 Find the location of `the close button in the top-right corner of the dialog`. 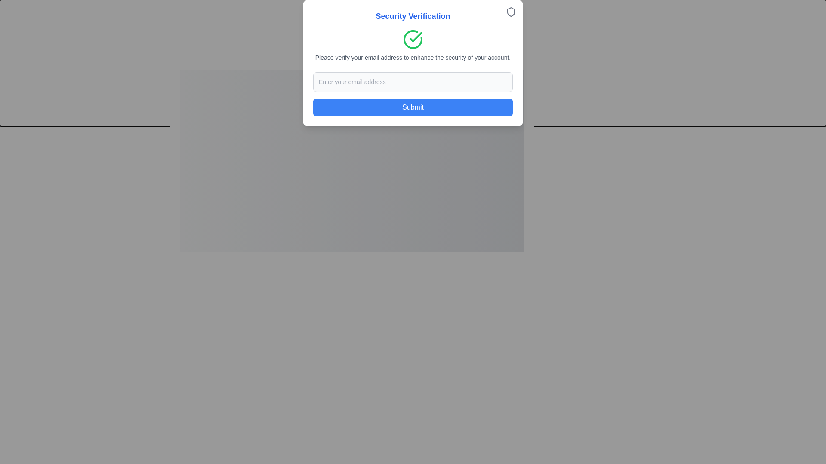

the close button in the top-right corner of the dialog is located at coordinates (525, 68).